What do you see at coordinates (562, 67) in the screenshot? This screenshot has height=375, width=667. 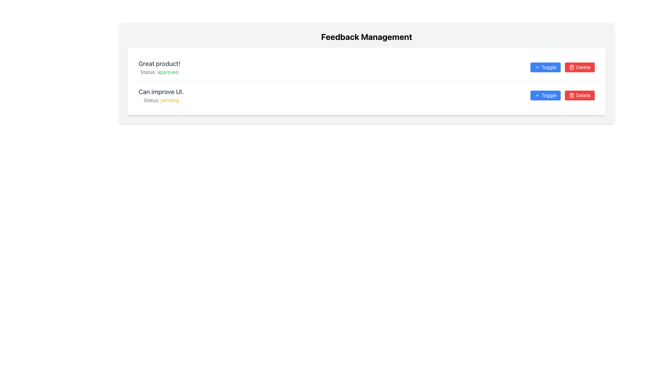 I see `the blue 'Toggle' button in the interactive control set for feedback management` at bounding box center [562, 67].